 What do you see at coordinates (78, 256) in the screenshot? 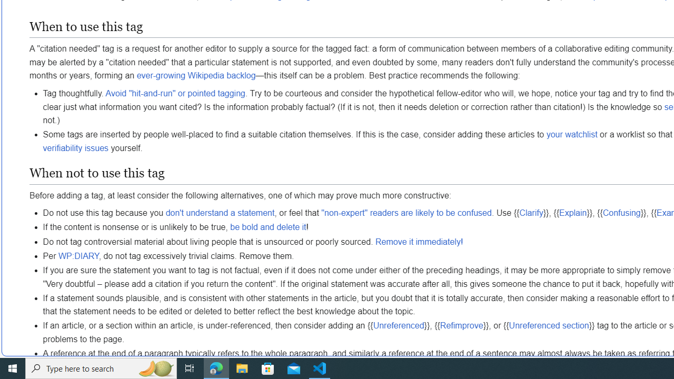
I see `'WP:DIARY'` at bounding box center [78, 256].